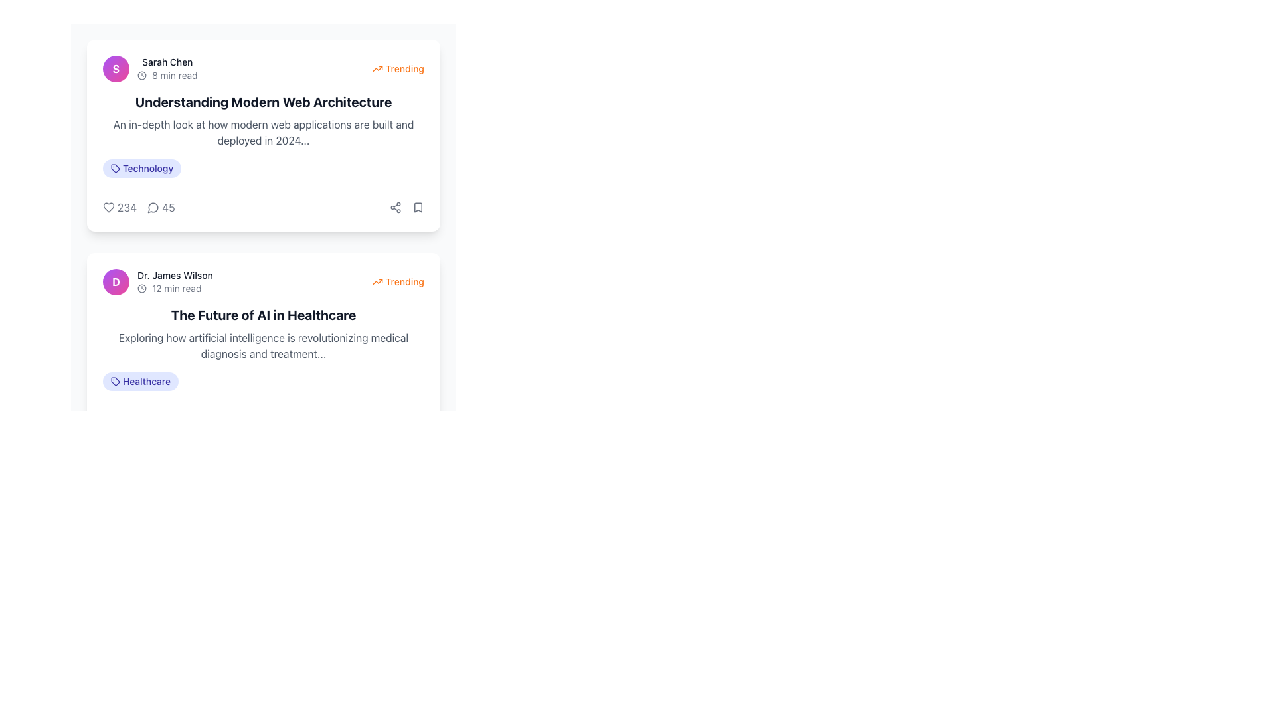 This screenshot has height=717, width=1275. Describe the element at coordinates (142, 76) in the screenshot. I see `the clock-like icon with a circular border that is located to the left of the '8 min read' text` at that location.